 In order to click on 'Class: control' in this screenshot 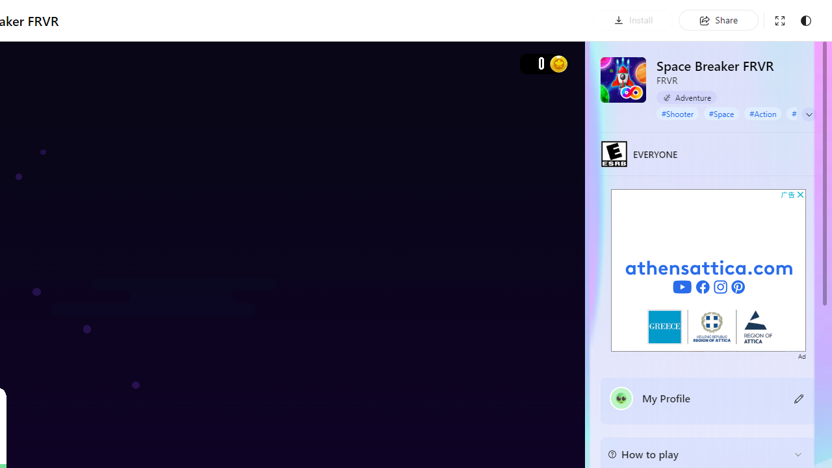, I will do `click(809, 114)`.